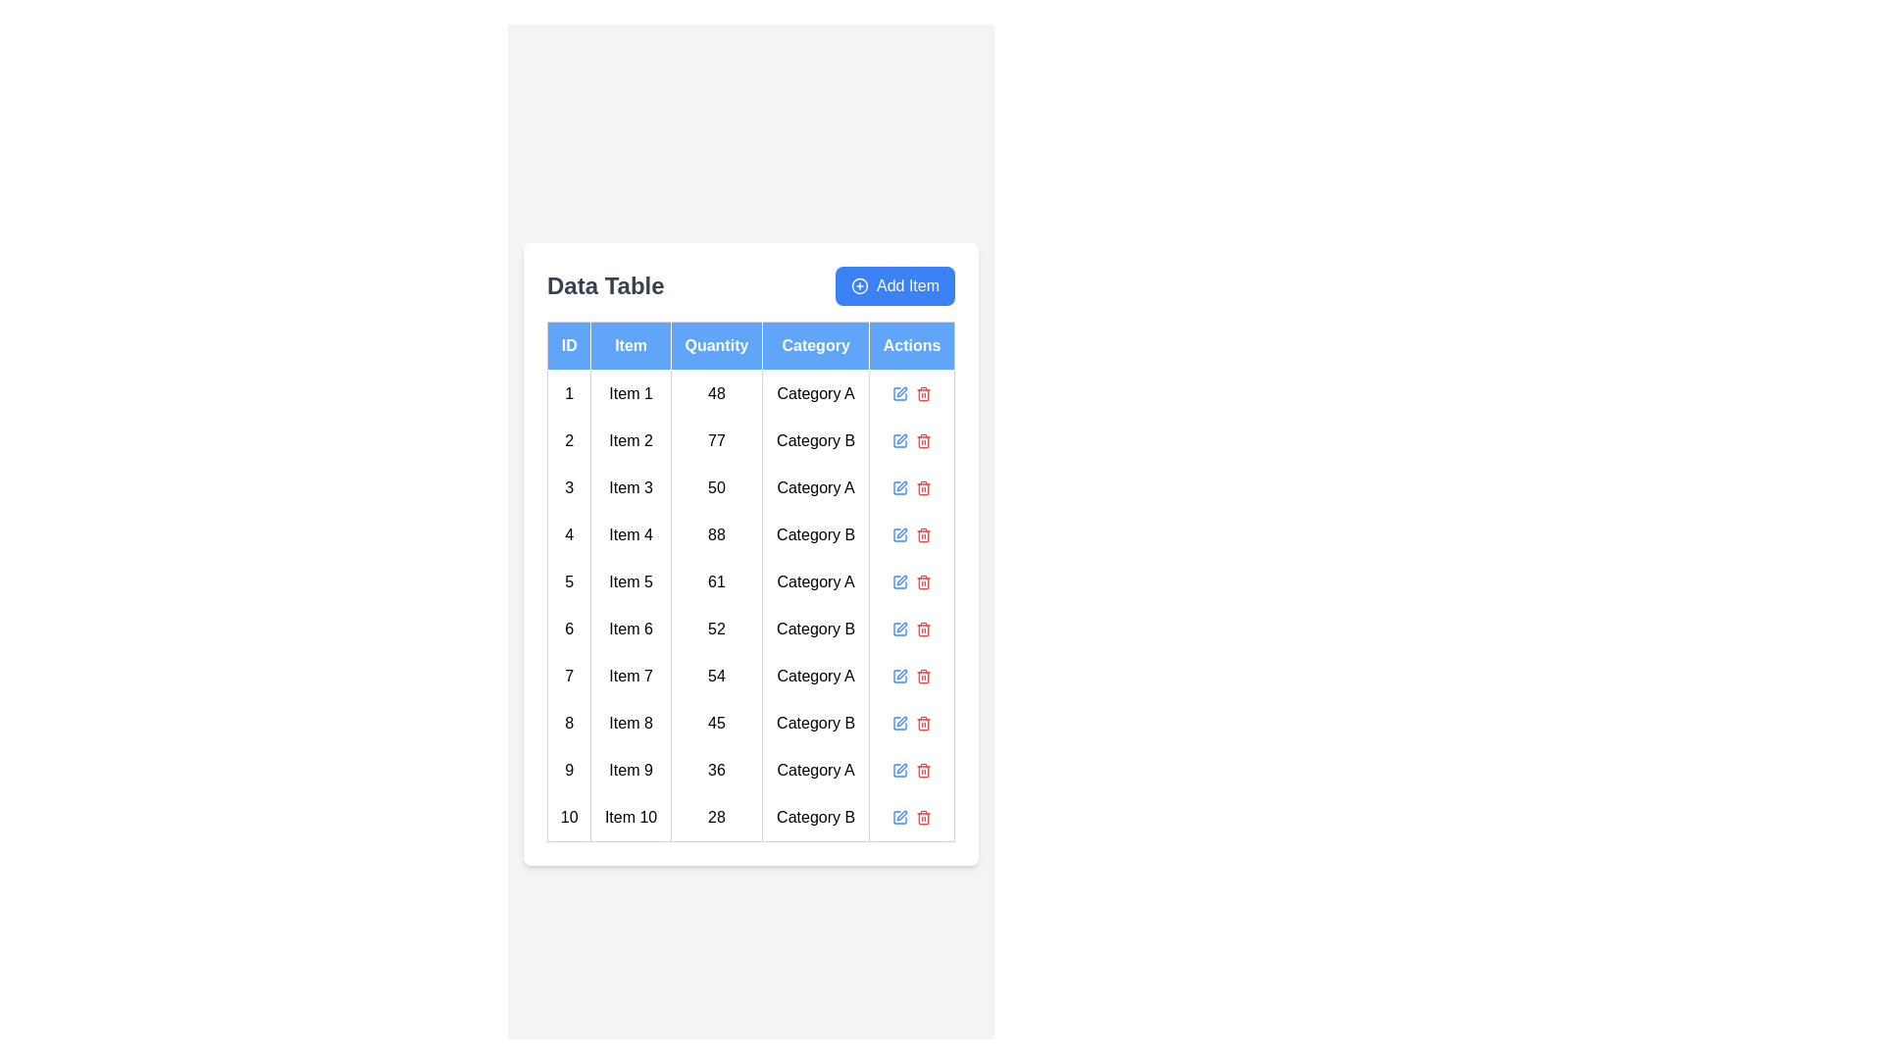  Describe the element at coordinates (923, 580) in the screenshot. I see `the delete icon button located in the 'Actions' column of the fifth row in the data table` at that location.